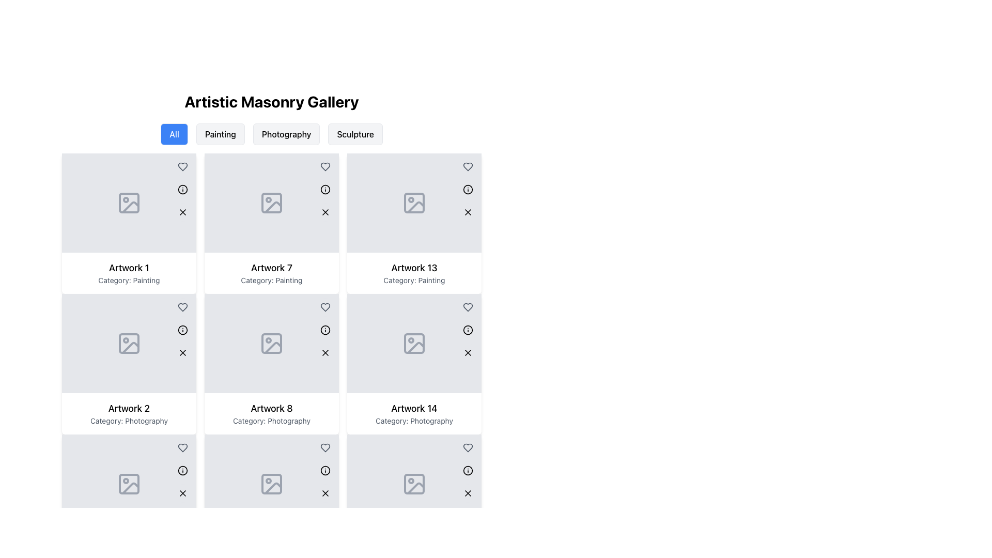 Image resolution: width=992 pixels, height=558 pixels. I want to click on the close button located at the bottom of the grouped widget in the top-right corner of the 'Artwork 13' card, so click(468, 189).